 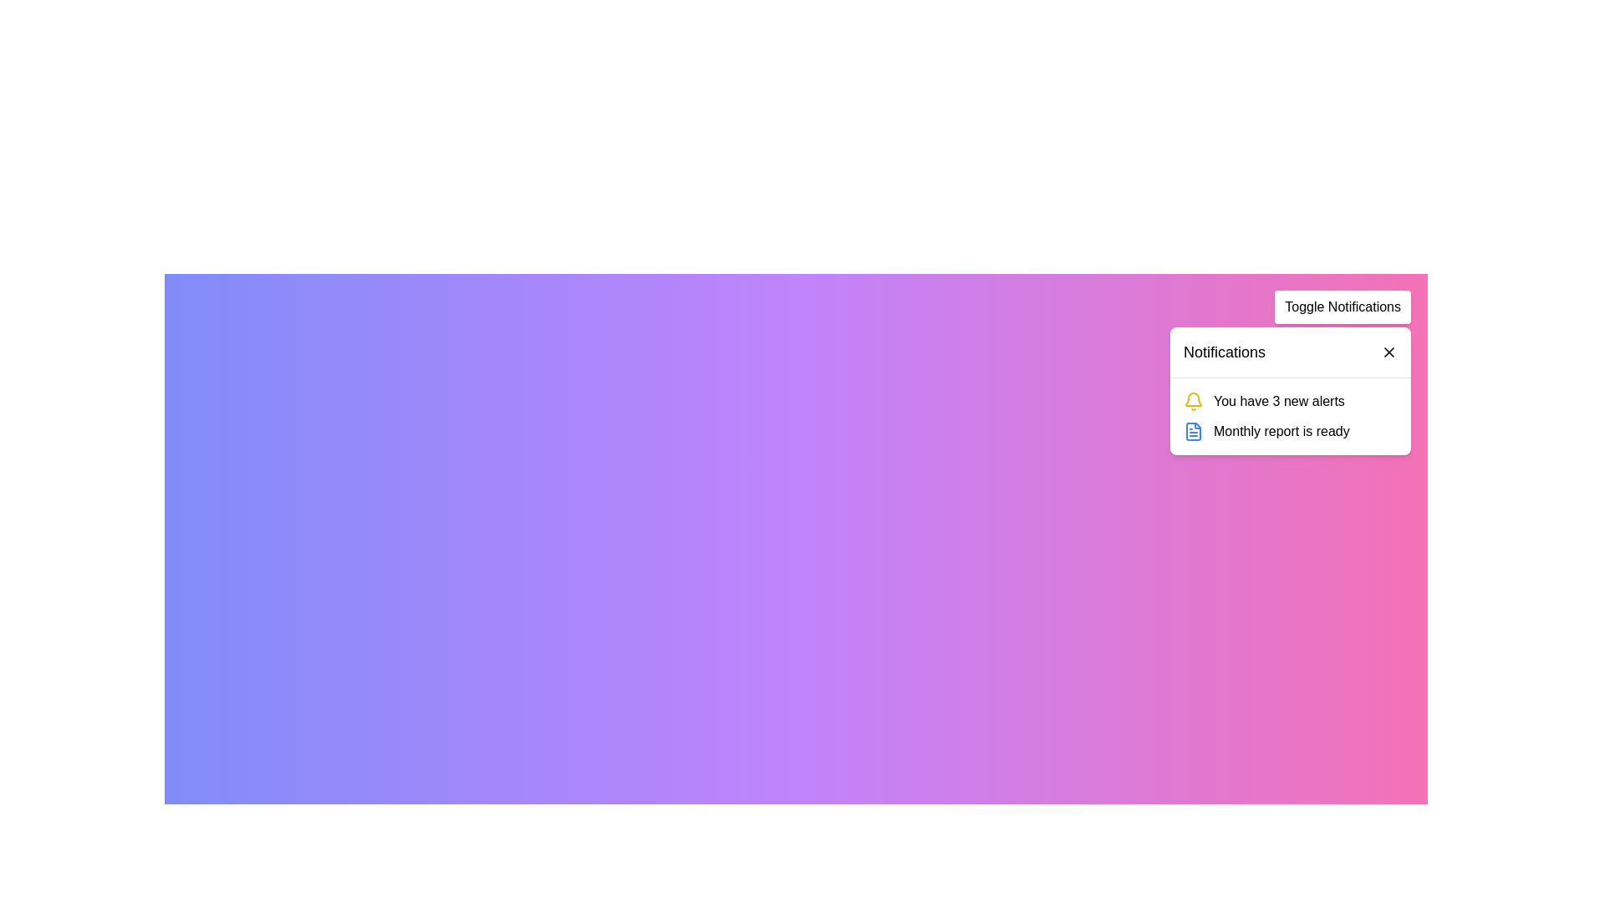 I want to click on the 'Toggle Notifications' button, which is a rectangular button with rounded corners displaying the text in black on a white background, located at the top-right corner above the notifications panel, so click(x=1343, y=307).